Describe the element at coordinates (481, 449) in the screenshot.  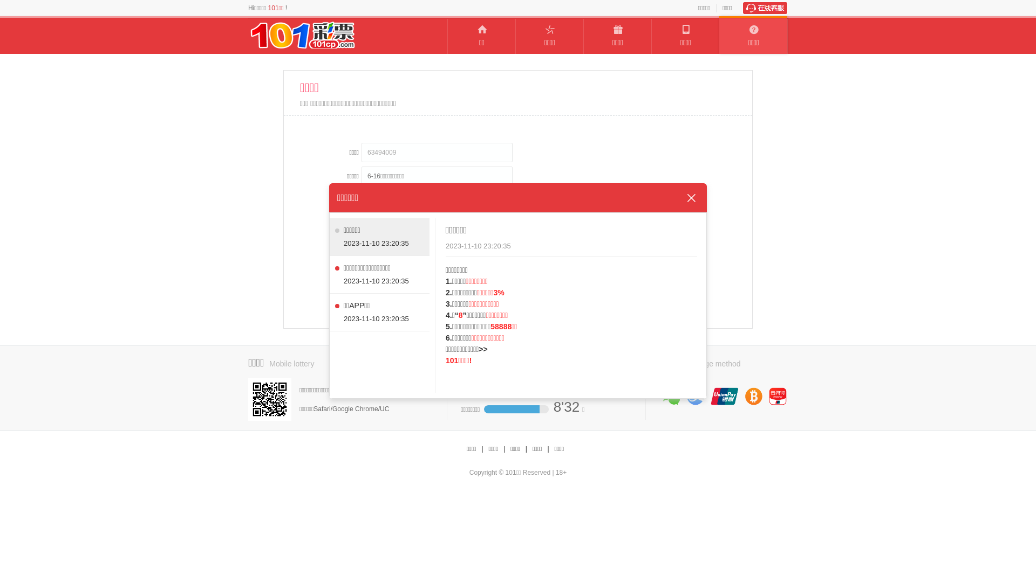
I see `'|'` at that location.